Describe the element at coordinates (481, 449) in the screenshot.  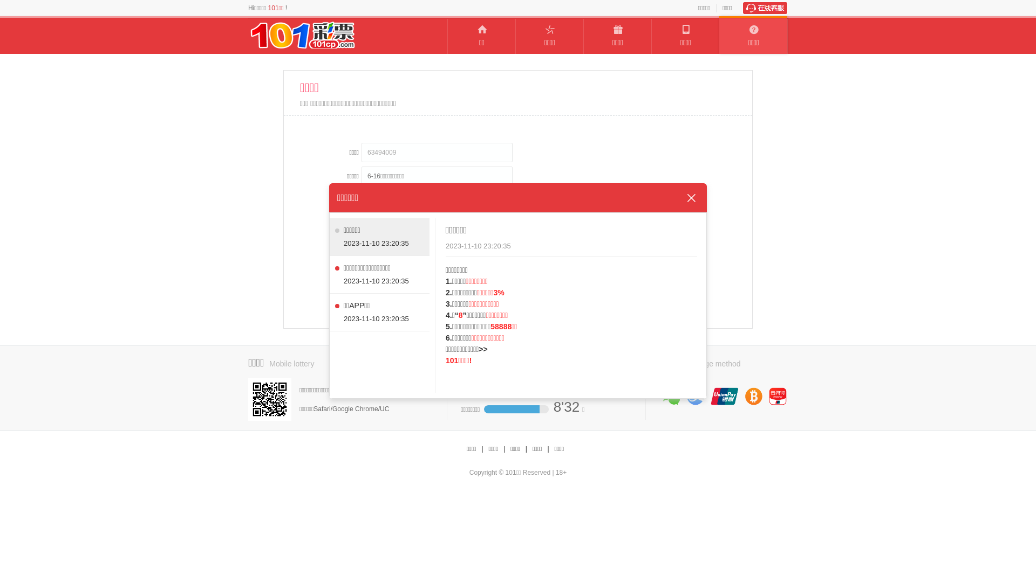
I see `'|'` at that location.